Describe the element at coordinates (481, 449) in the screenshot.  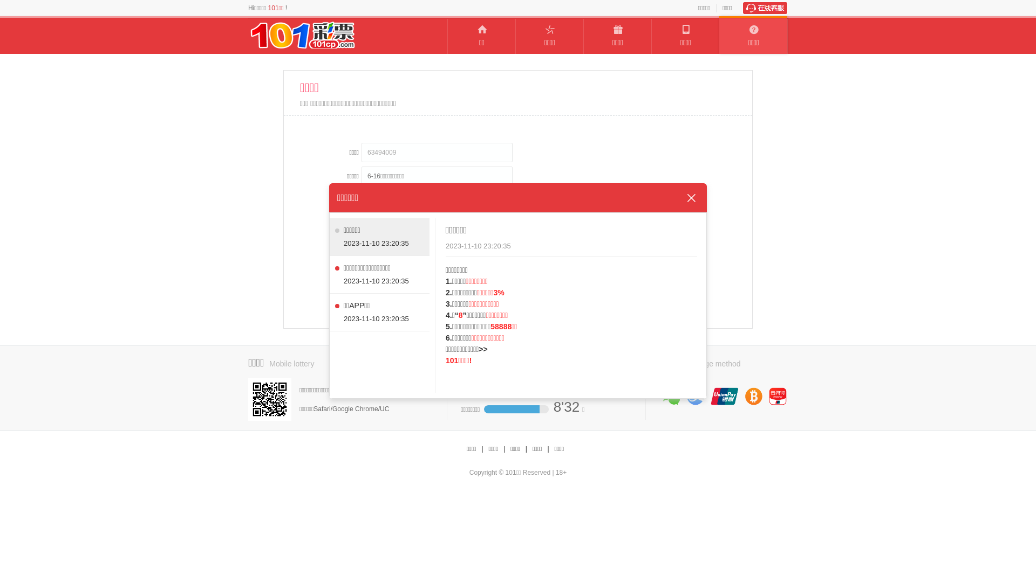
I see `'|'` at that location.